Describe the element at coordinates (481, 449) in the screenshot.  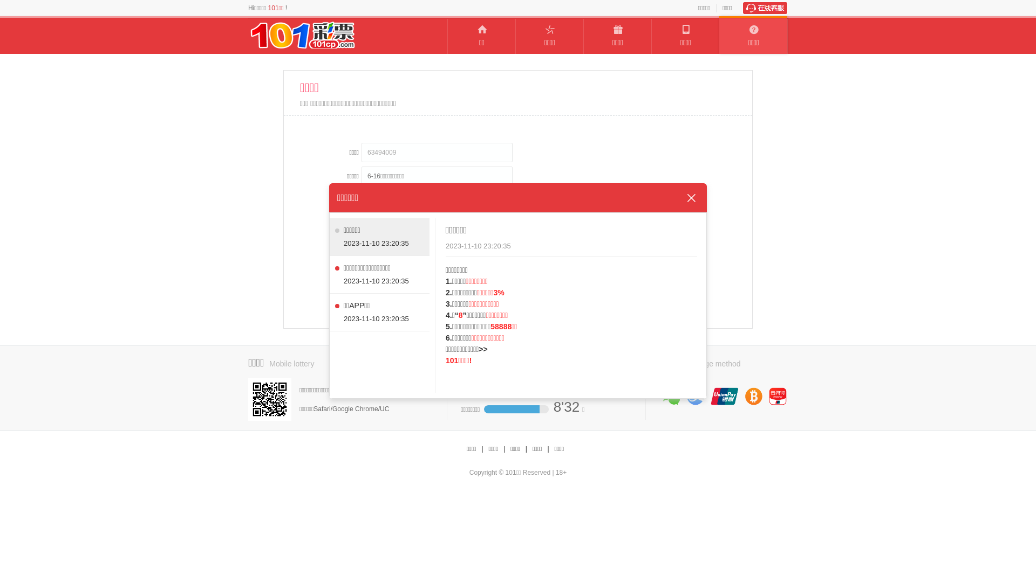
I see `'|'` at that location.